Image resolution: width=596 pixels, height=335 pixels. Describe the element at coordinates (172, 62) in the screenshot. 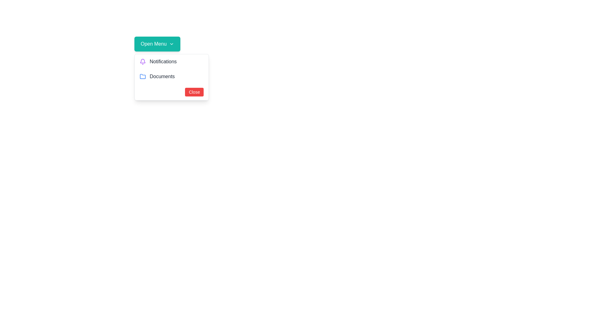

I see `the first option in the dropdown menu that accesses the notifications or alerts section of the application` at that location.